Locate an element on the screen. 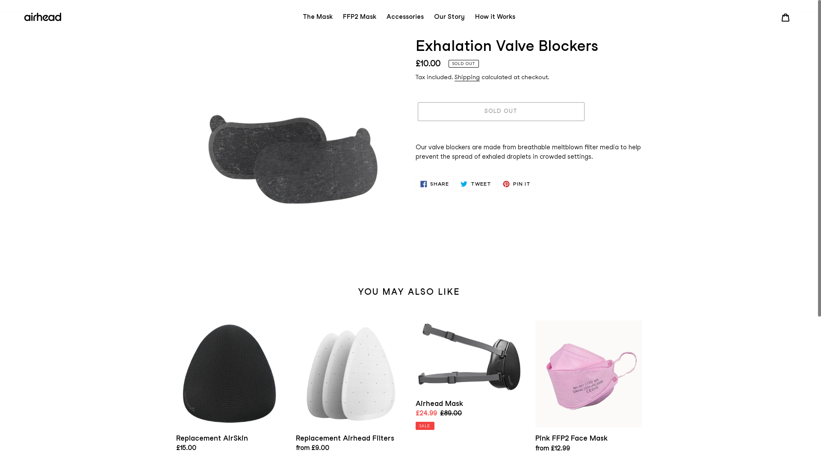  'PIN IT is located at coordinates (516, 183).